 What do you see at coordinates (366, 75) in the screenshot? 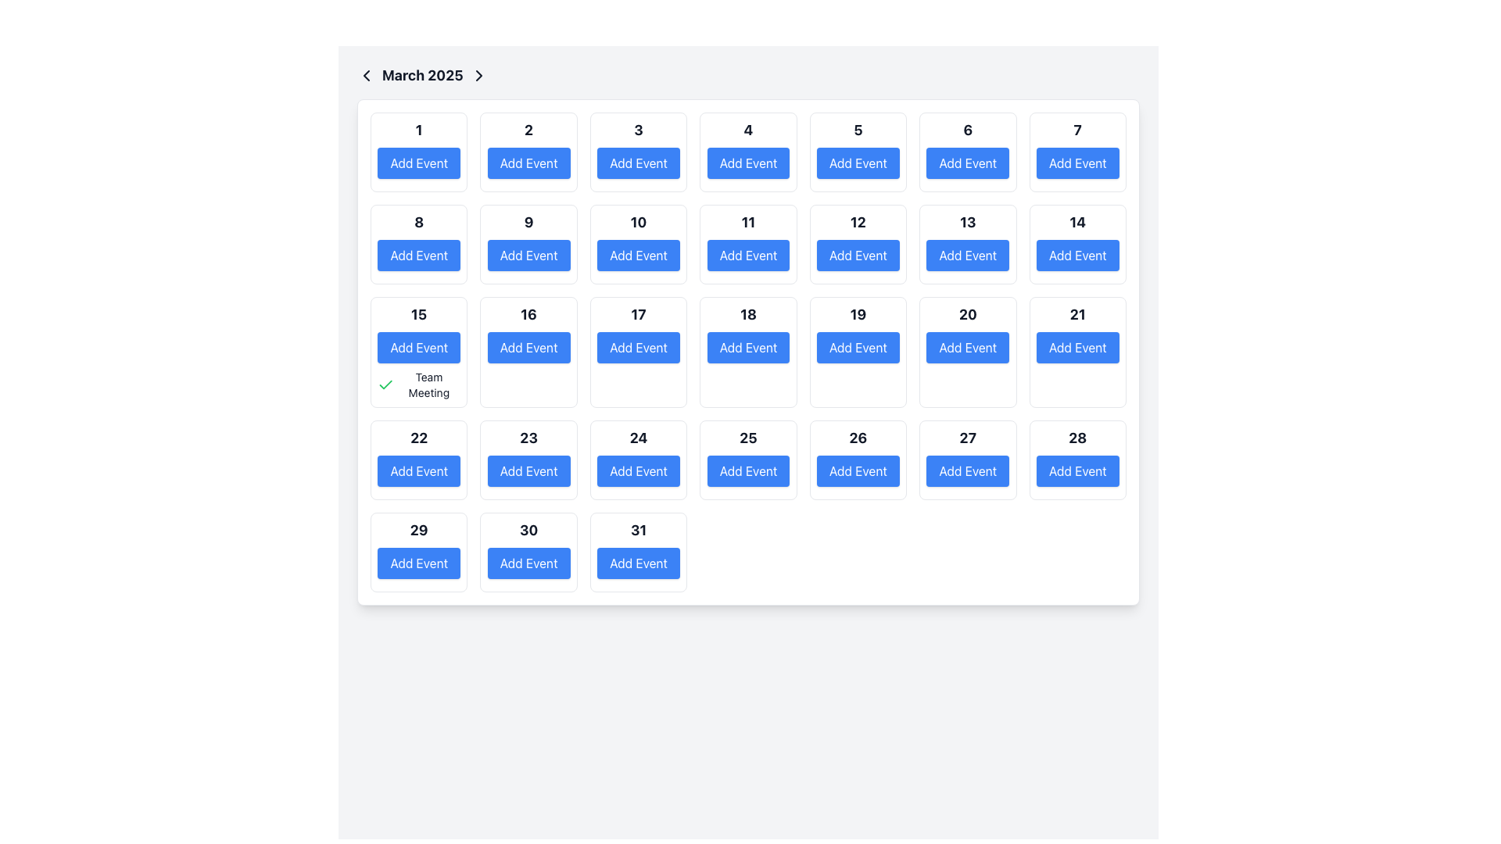
I see `the Icon button that allows the user to navigate to the previous month in the calendar view, located at the top-left corner of the interface, immediately to the left of the text 'March 2025'` at bounding box center [366, 75].